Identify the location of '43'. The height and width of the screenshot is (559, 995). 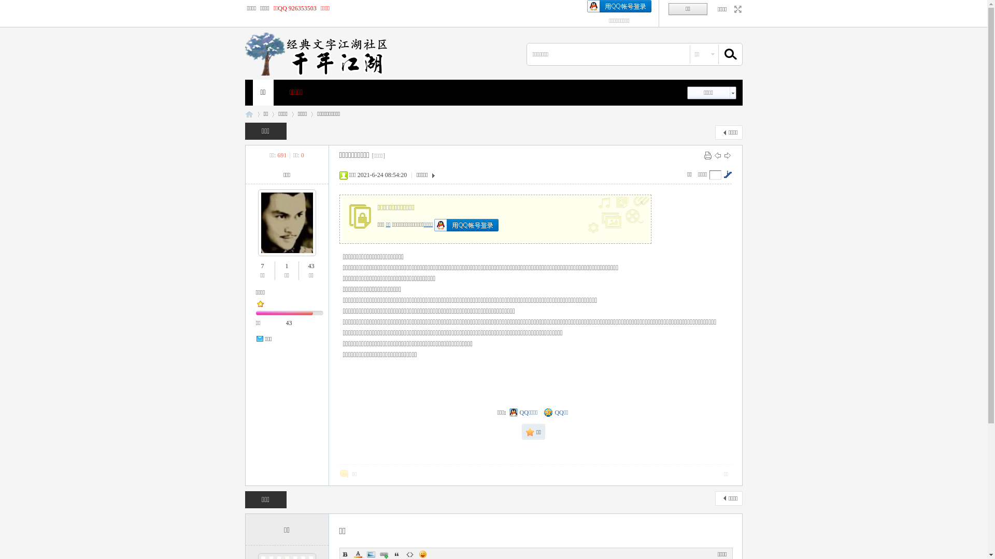
(289, 322).